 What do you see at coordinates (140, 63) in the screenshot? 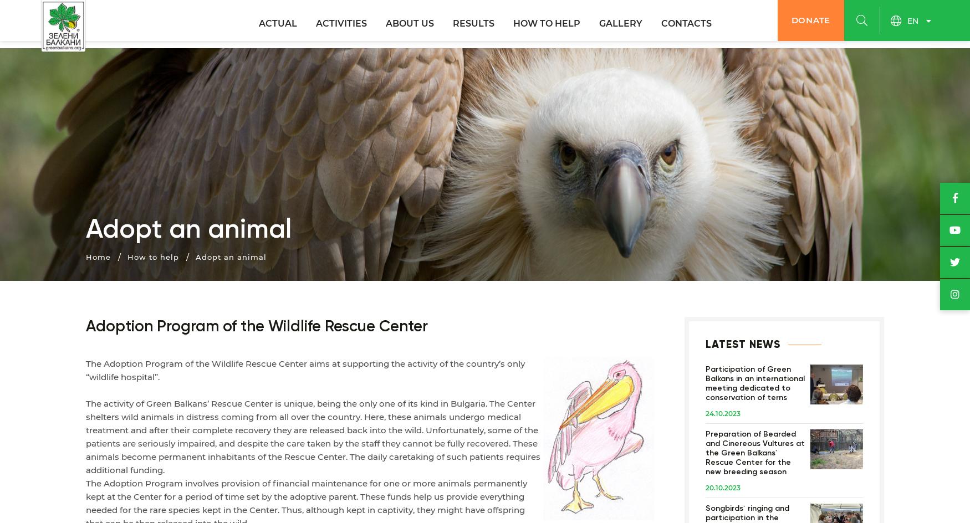
I see `'We are..'` at bounding box center [140, 63].